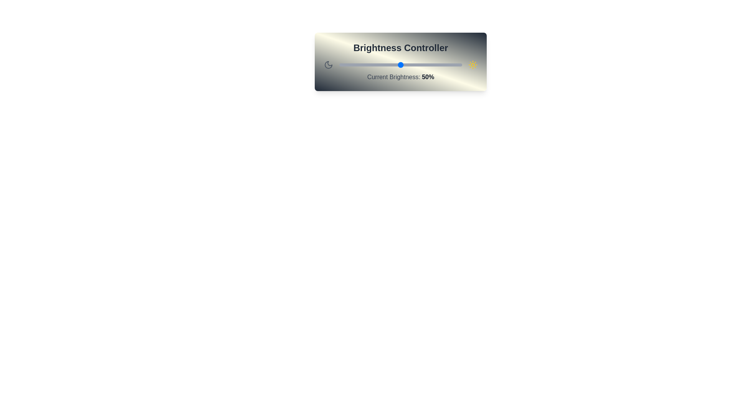 The width and height of the screenshot is (737, 415). I want to click on the brightness slider to 89%, so click(448, 65).